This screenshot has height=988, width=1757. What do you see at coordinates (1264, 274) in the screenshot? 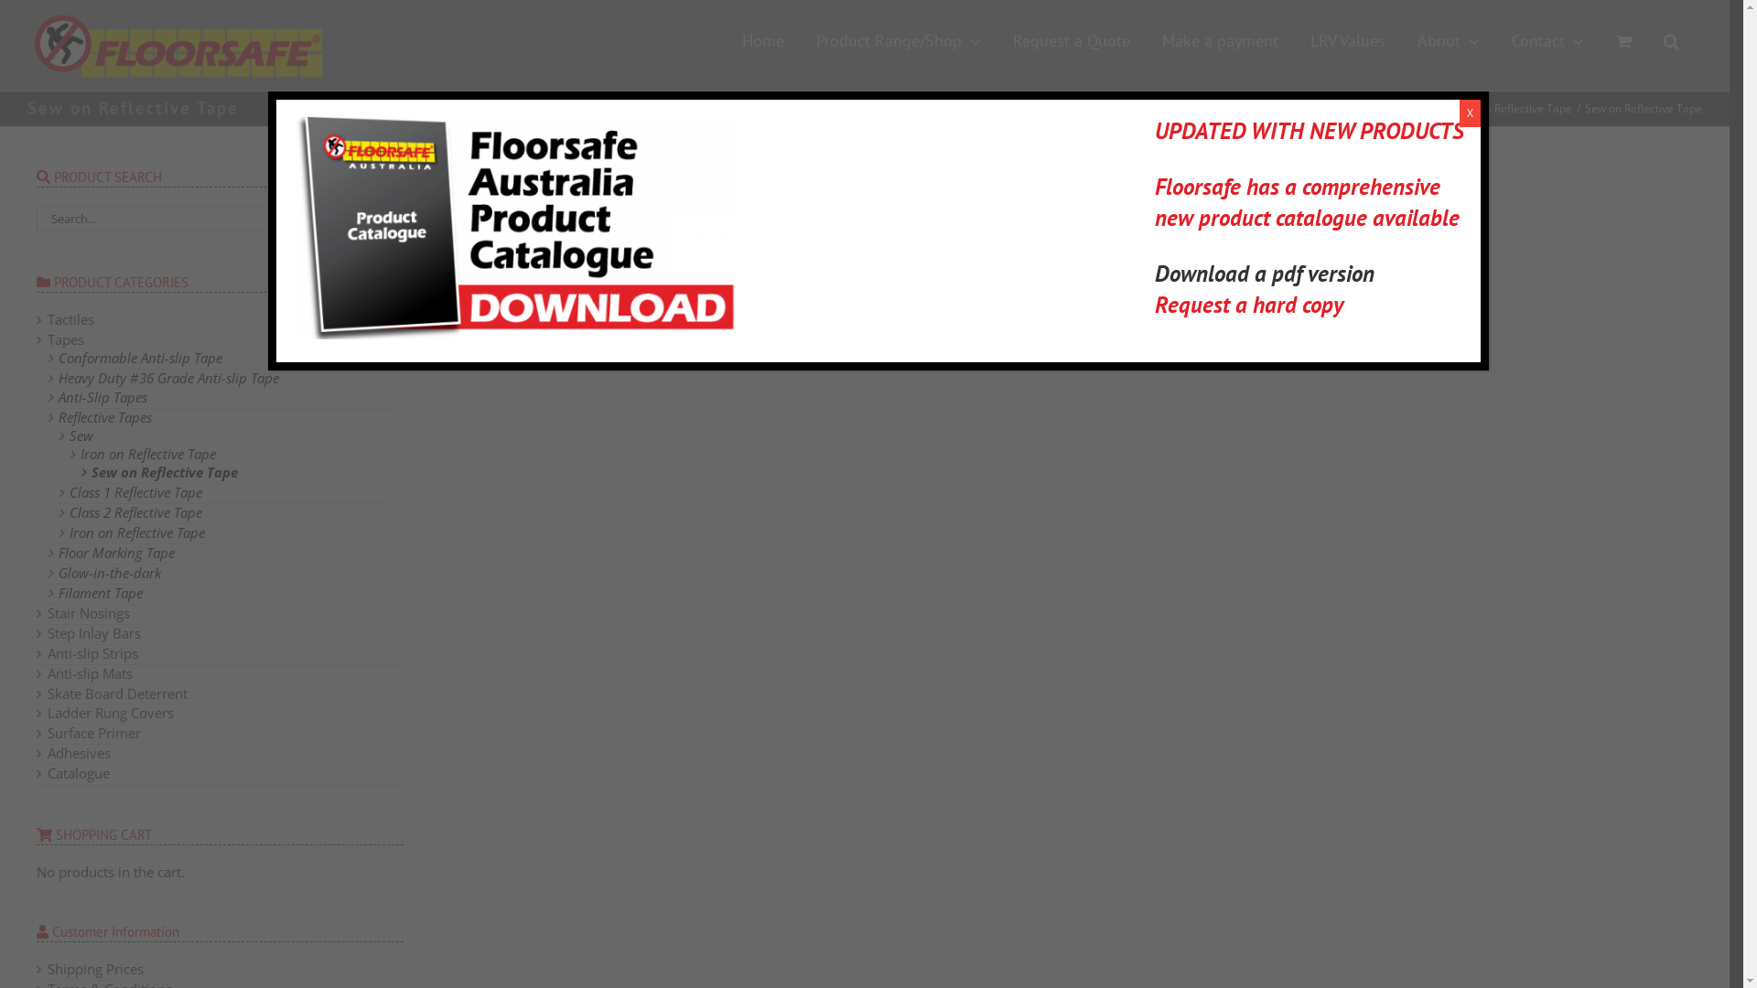
I see `'Download a pdf version'` at bounding box center [1264, 274].